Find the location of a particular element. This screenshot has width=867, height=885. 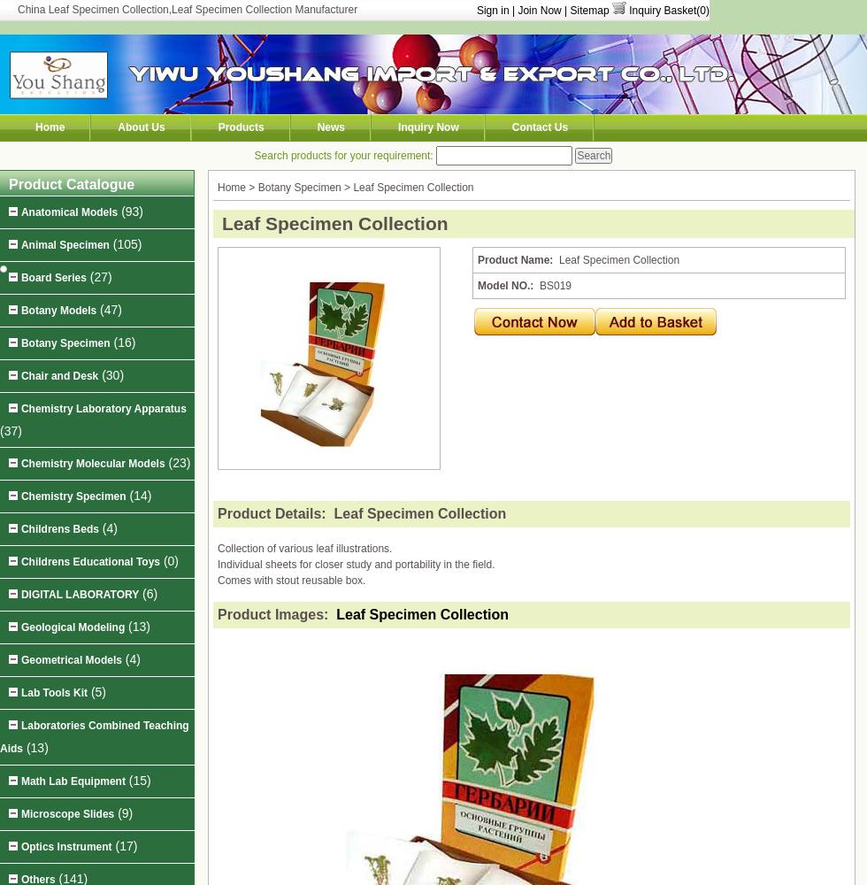

'Laboratories Combined Teaching Aids' is located at coordinates (94, 736).